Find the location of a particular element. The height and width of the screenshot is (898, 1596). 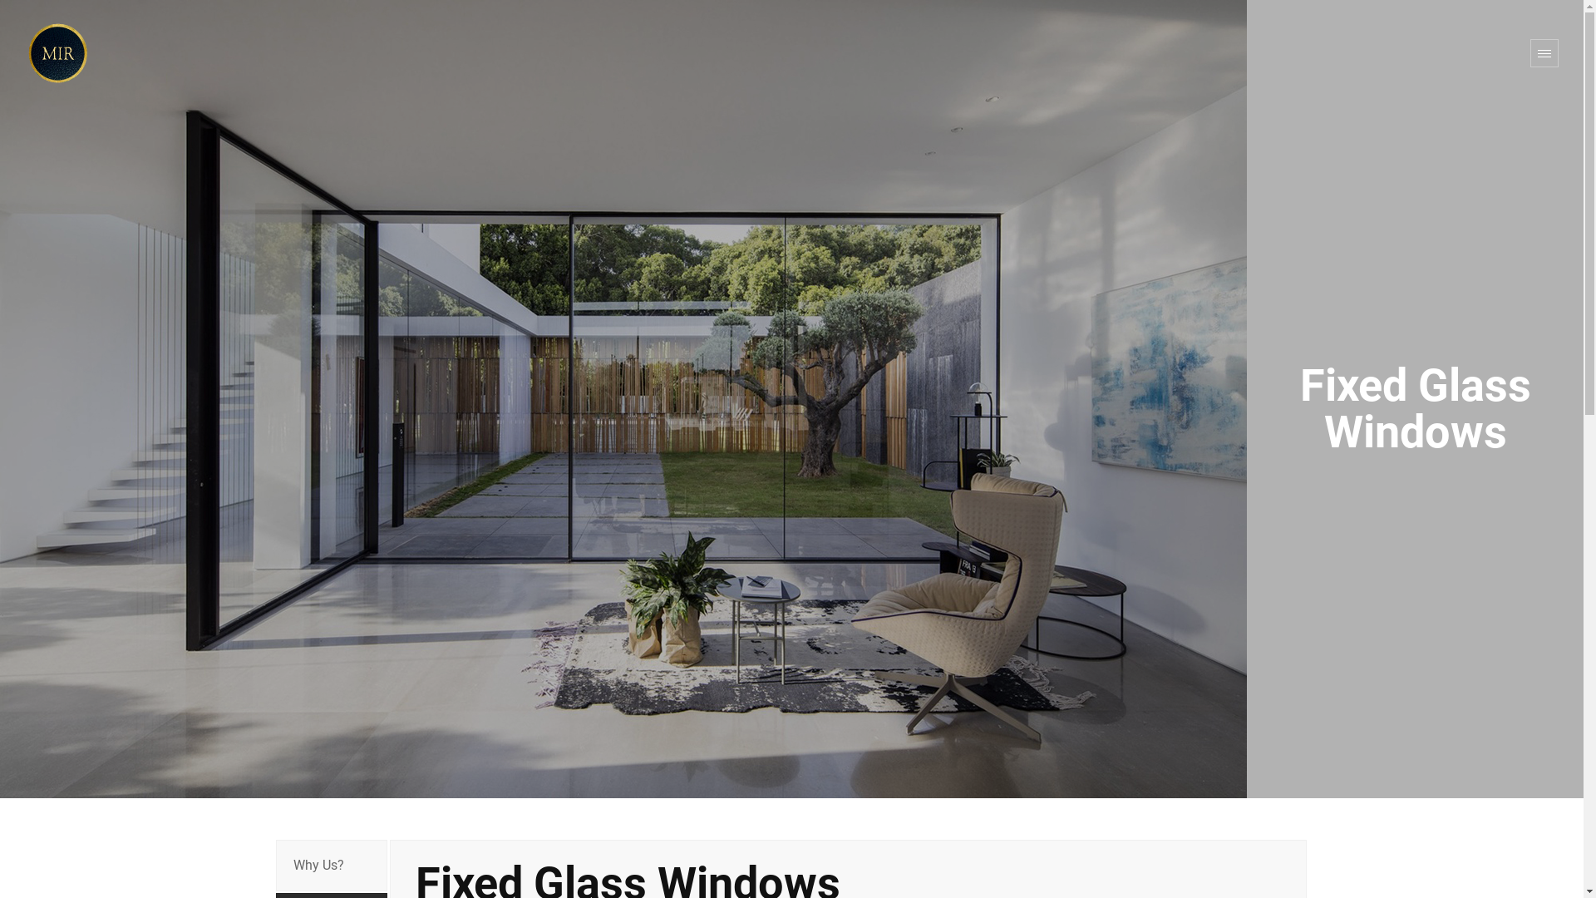

'Why Us?' is located at coordinates (331, 865).